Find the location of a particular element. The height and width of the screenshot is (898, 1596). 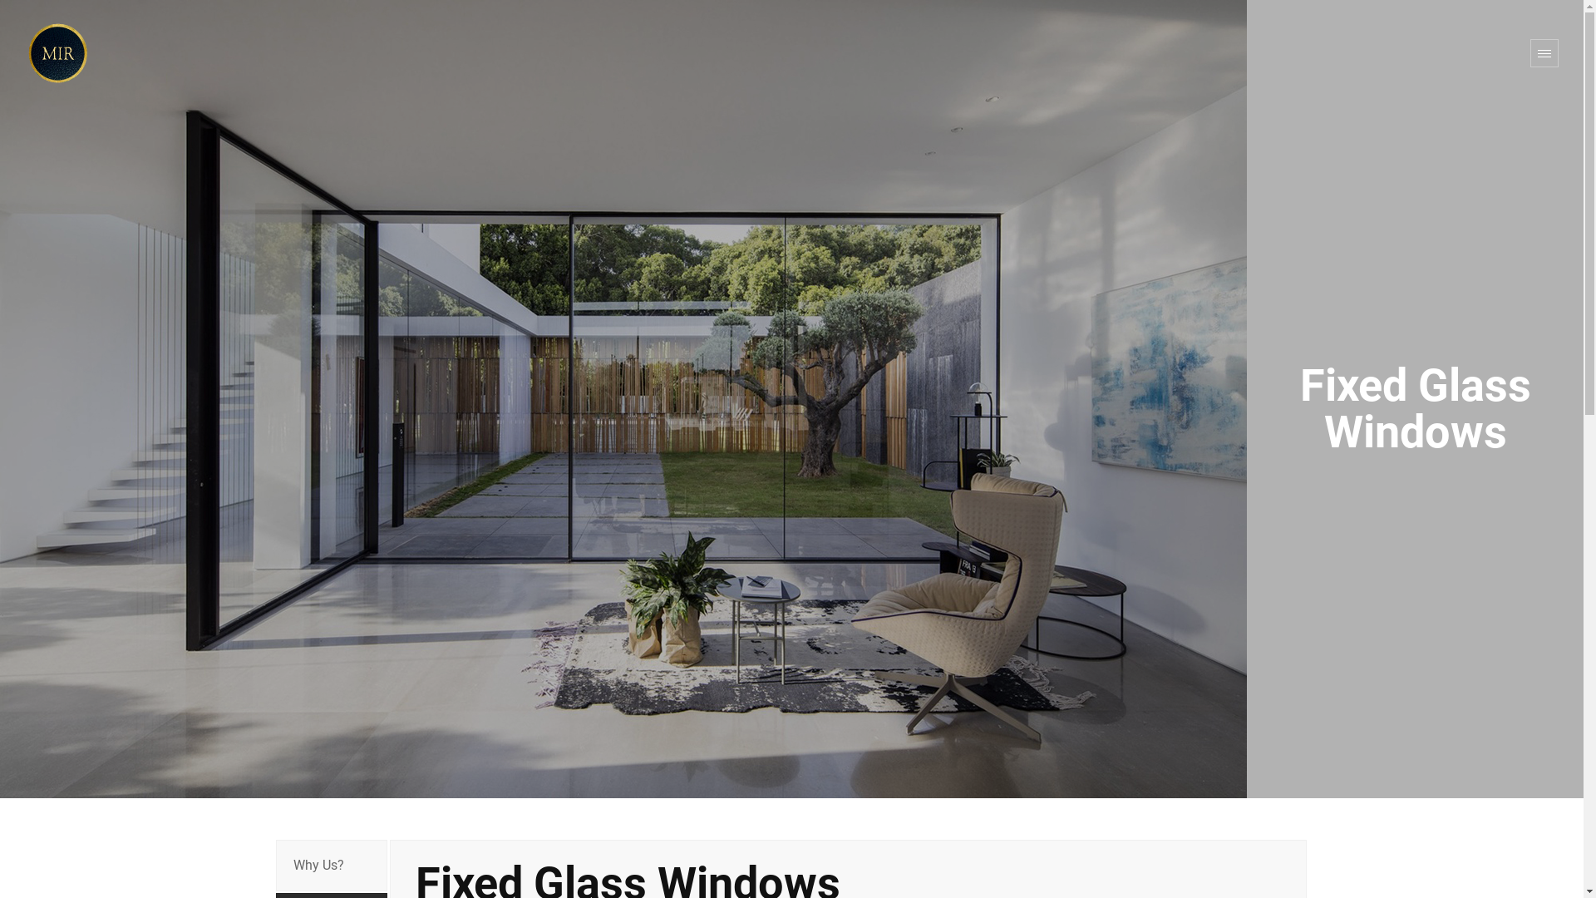

'Why Us?' is located at coordinates (331, 865).